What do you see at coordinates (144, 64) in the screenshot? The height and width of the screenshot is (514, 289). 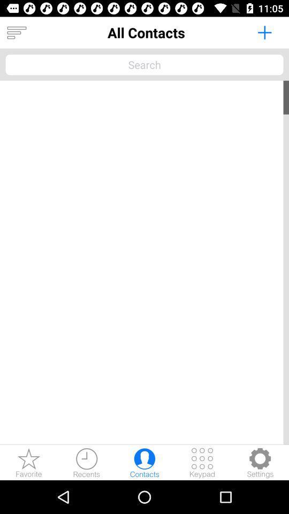 I see `search text` at bounding box center [144, 64].